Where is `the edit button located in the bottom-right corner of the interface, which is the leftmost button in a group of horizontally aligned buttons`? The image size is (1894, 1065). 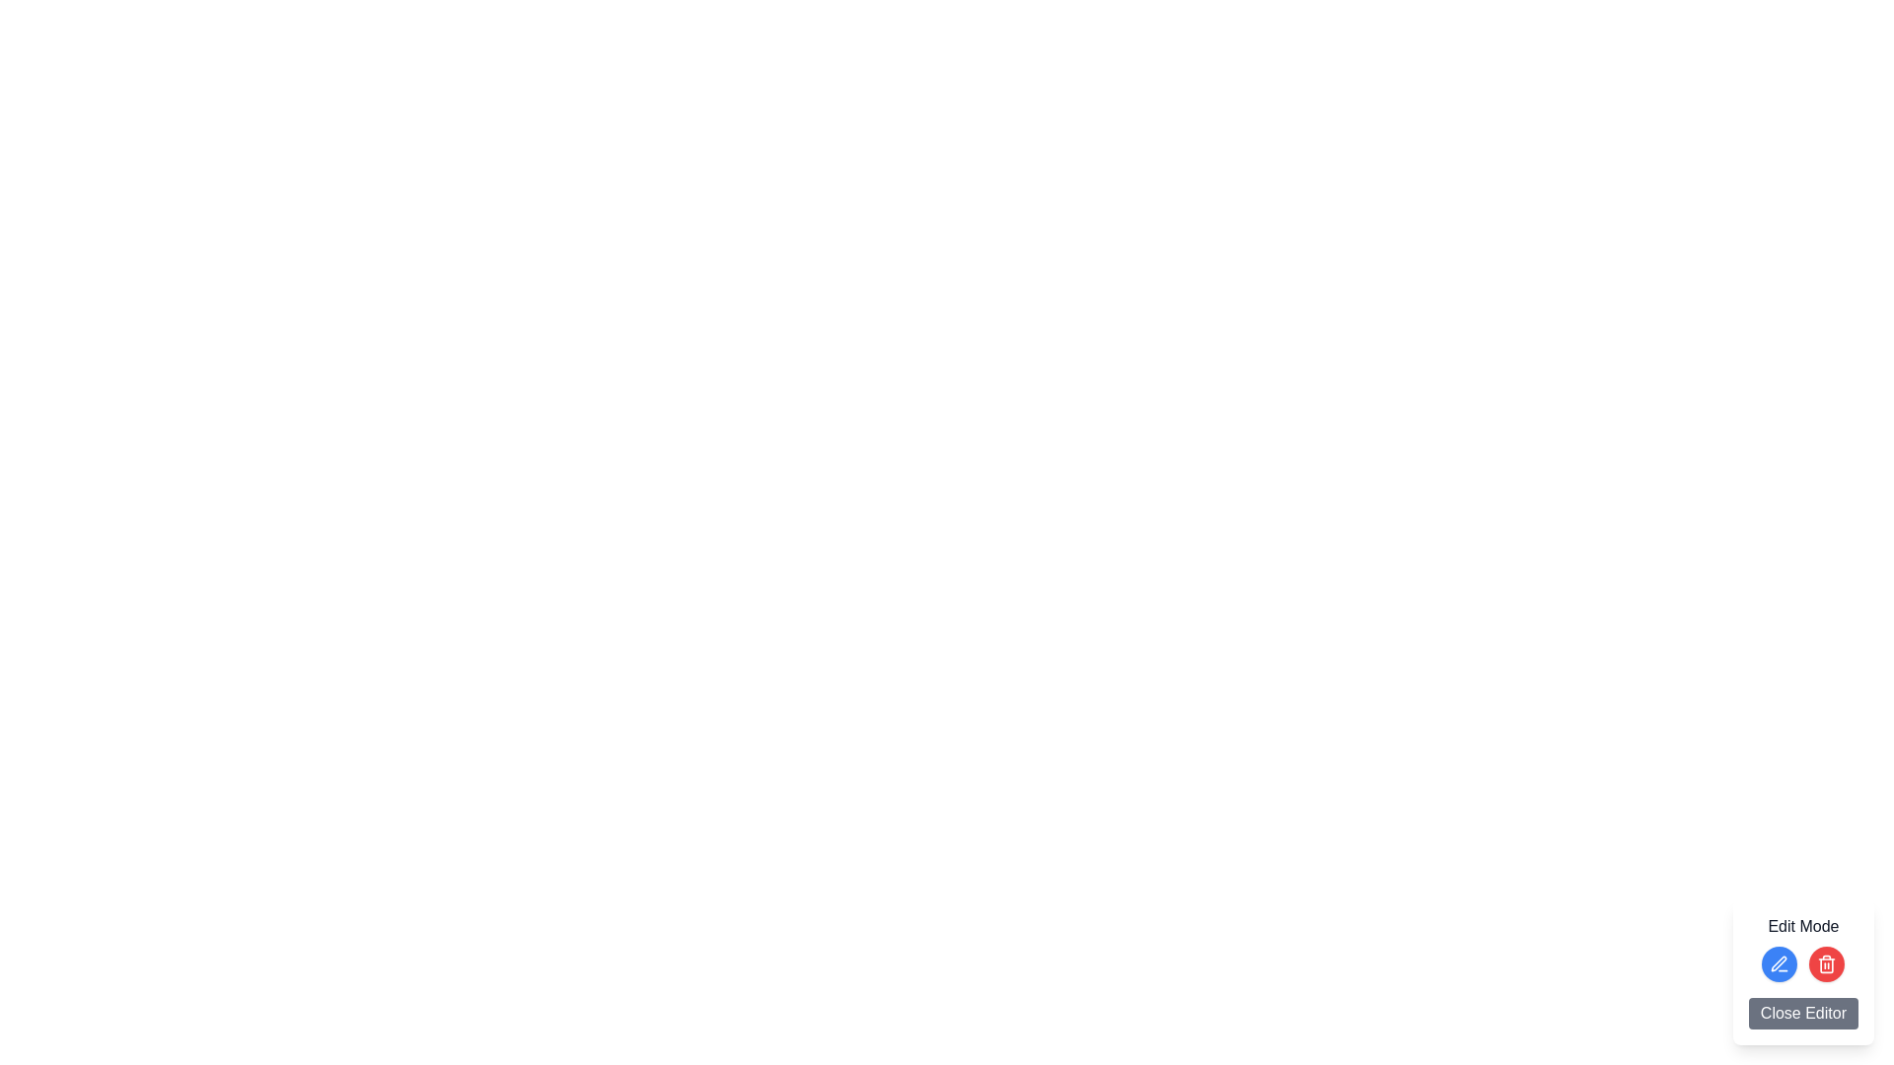
the edit button located in the bottom-right corner of the interface, which is the leftmost button in a group of horizontally aligned buttons is located at coordinates (1780, 963).